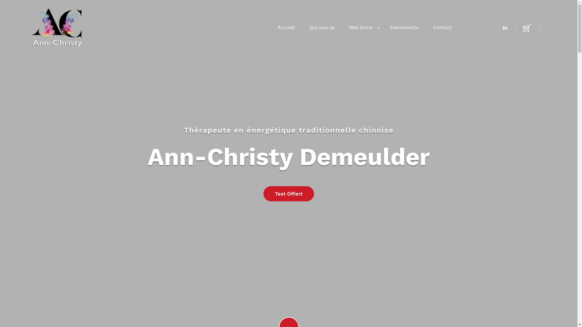 The width and height of the screenshot is (582, 327). I want to click on 'Skip to content', so click(0, 0).